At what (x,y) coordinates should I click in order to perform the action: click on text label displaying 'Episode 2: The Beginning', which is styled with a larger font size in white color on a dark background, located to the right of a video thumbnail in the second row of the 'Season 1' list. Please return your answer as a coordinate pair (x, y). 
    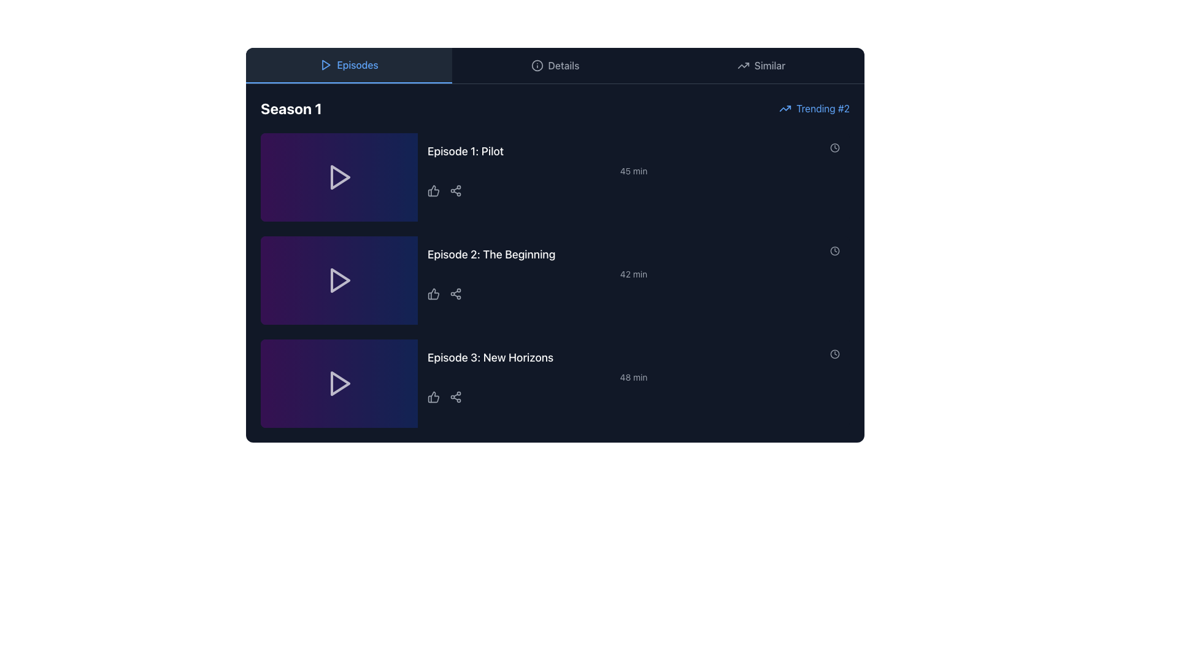
    Looking at the image, I should click on (491, 254).